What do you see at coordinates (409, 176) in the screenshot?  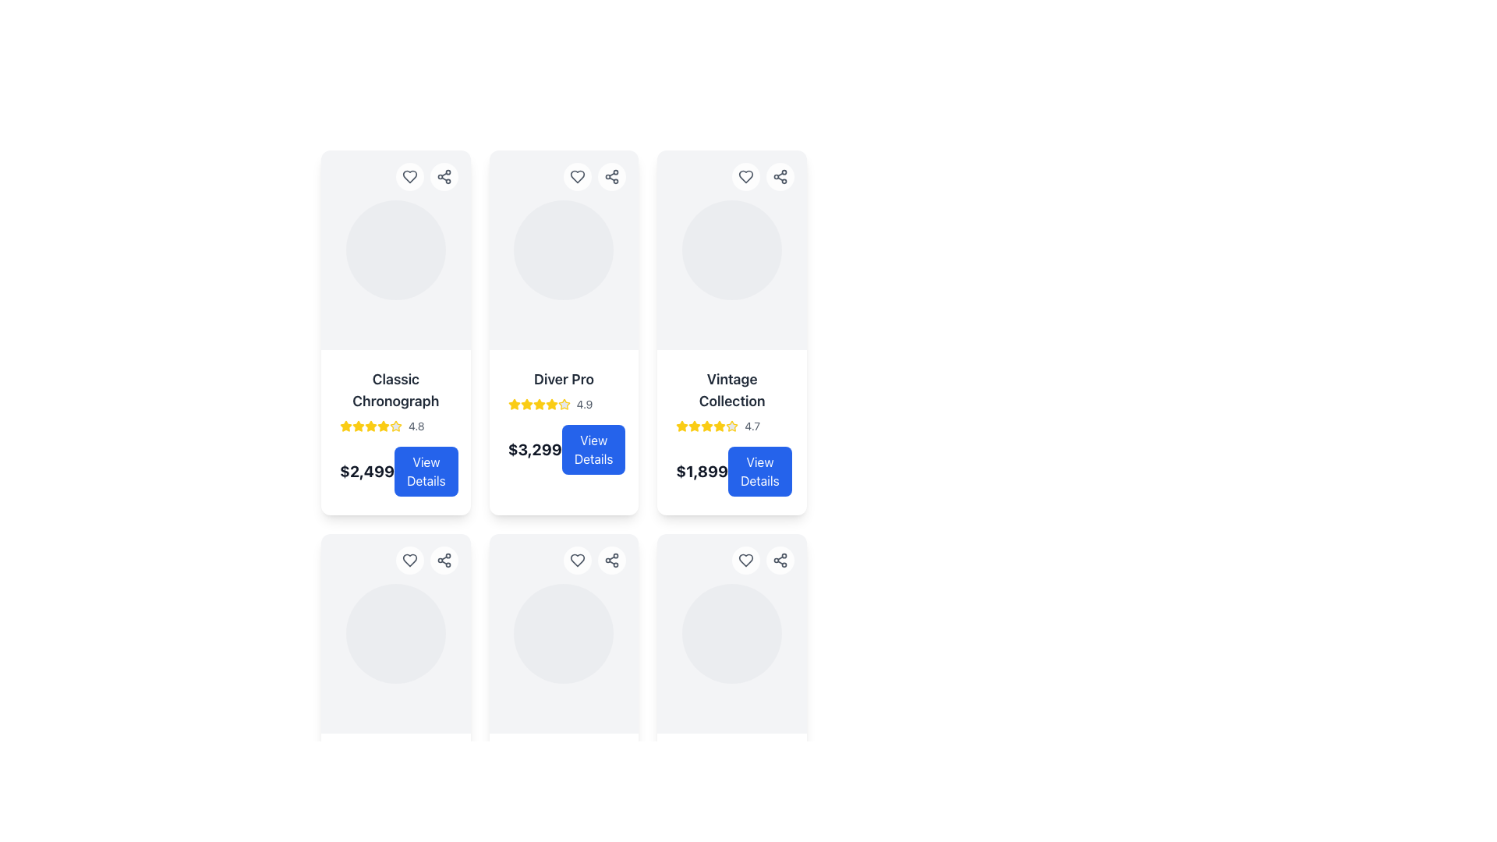 I see `the outlined heart icon located in the top section of the first item in the grid layout to favorite the item` at bounding box center [409, 176].